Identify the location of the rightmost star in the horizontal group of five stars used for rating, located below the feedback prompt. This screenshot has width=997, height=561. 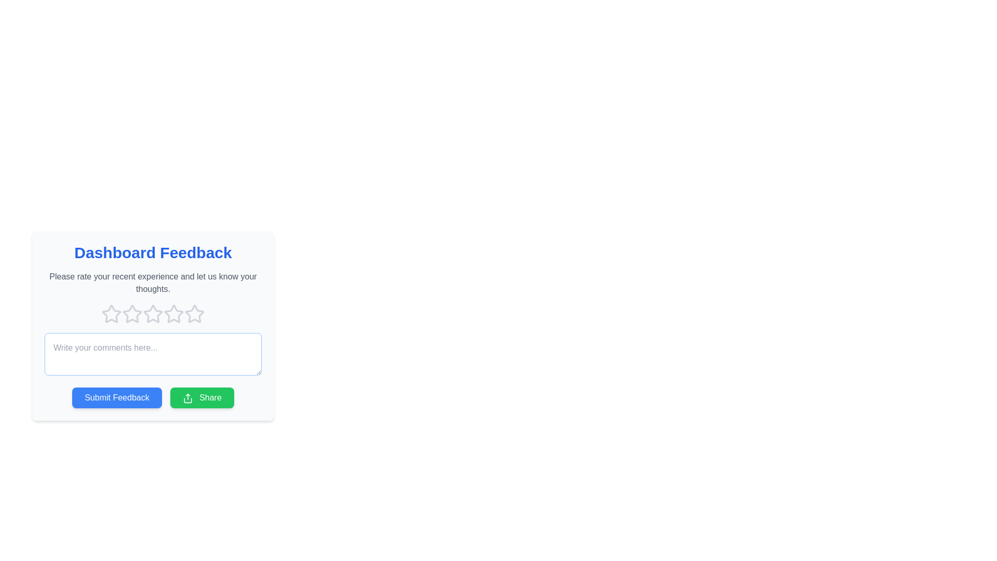
(194, 313).